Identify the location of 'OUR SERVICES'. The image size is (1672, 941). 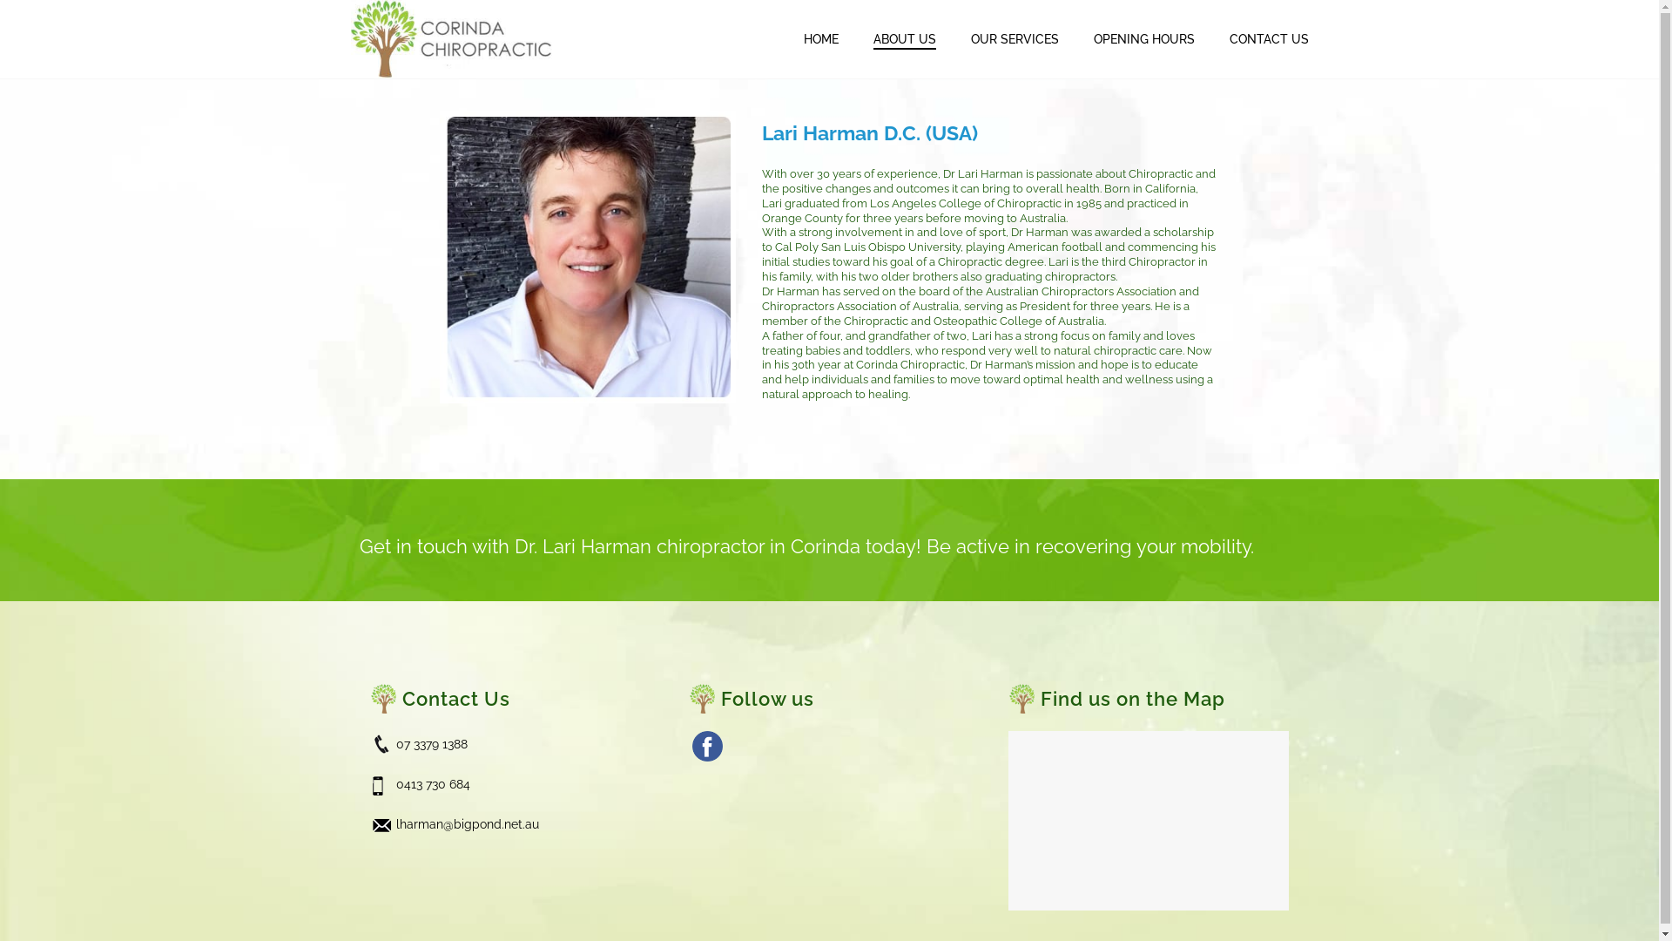
(1014, 39).